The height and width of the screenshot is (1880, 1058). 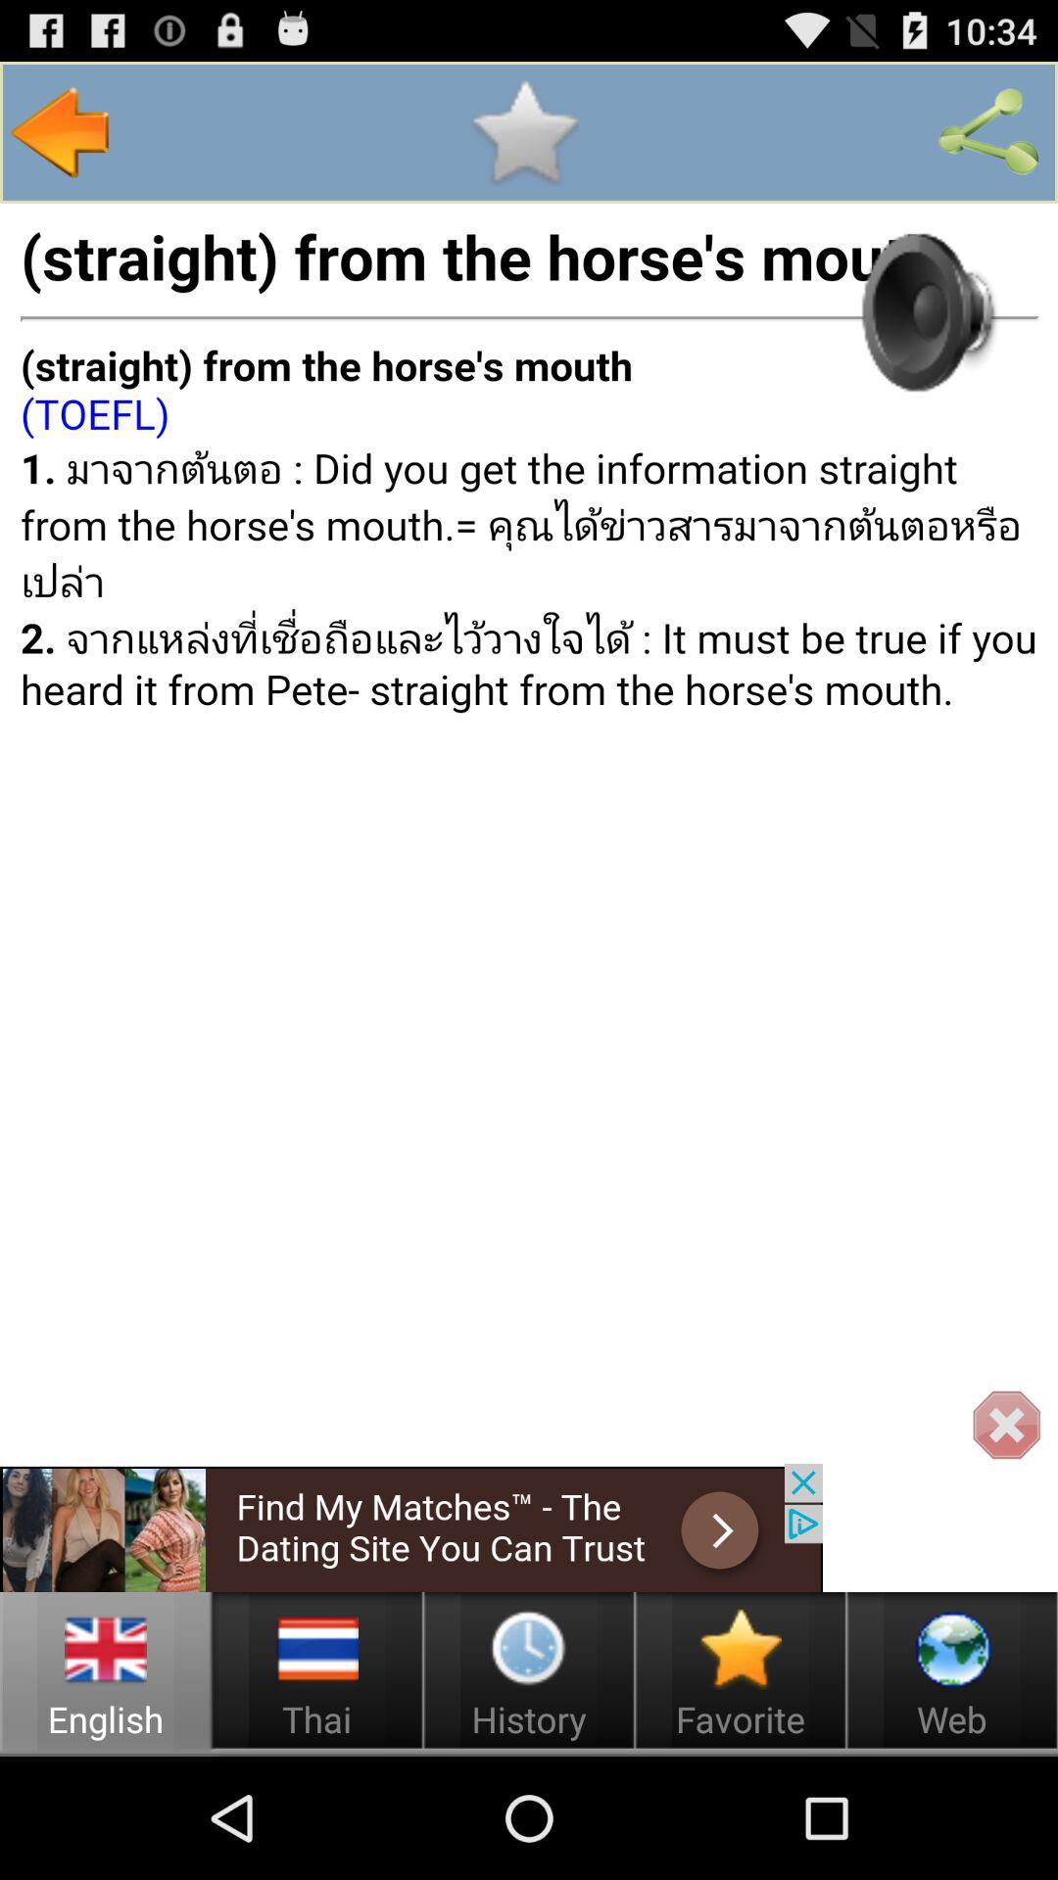 What do you see at coordinates (988, 131) in the screenshot?
I see `share page` at bounding box center [988, 131].